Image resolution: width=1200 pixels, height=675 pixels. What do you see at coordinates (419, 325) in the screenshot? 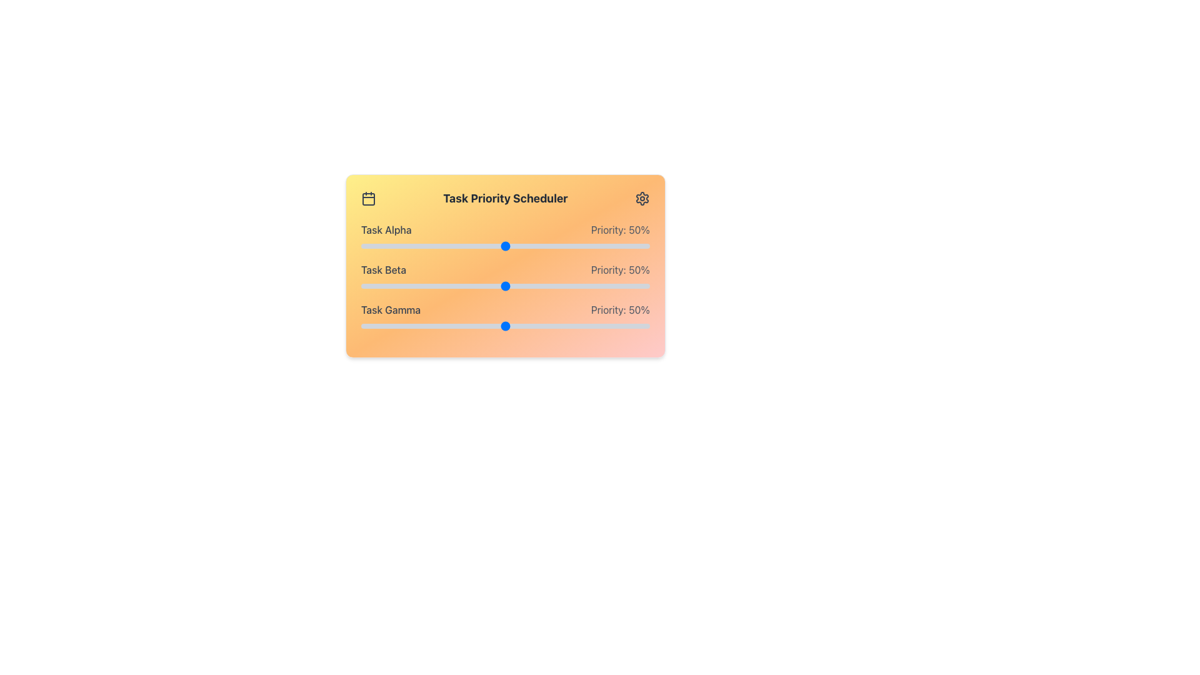
I see `task priority` at bounding box center [419, 325].